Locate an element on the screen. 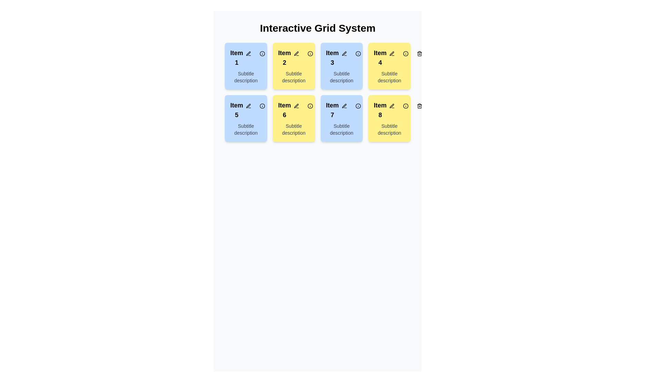 Image resolution: width=662 pixels, height=372 pixels. the Card displaying 'Item 6' located in the second row and second column of the grid layout is located at coordinates (294, 110).